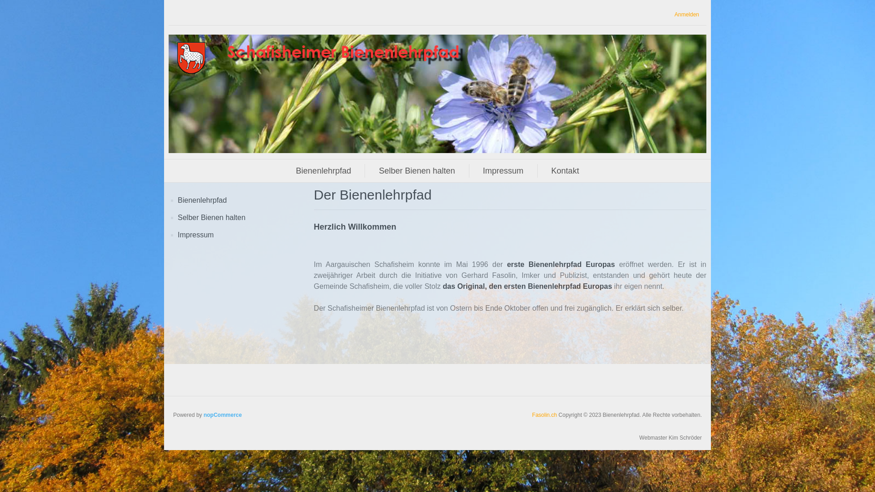  Describe the element at coordinates (211, 218) in the screenshot. I see `'Selber Bienen halten'` at that location.